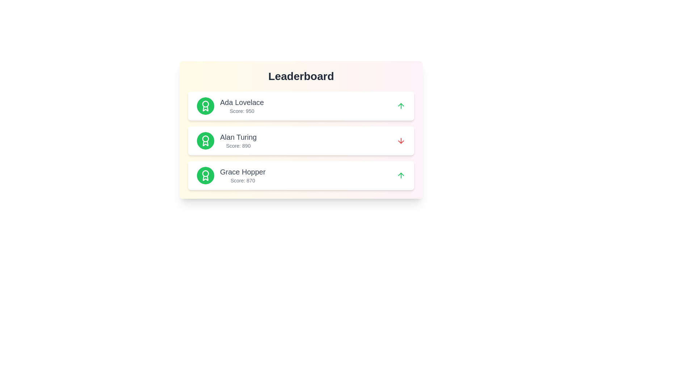  What do you see at coordinates (301, 176) in the screenshot?
I see `the leaderboard entry for Grace Hopper` at bounding box center [301, 176].